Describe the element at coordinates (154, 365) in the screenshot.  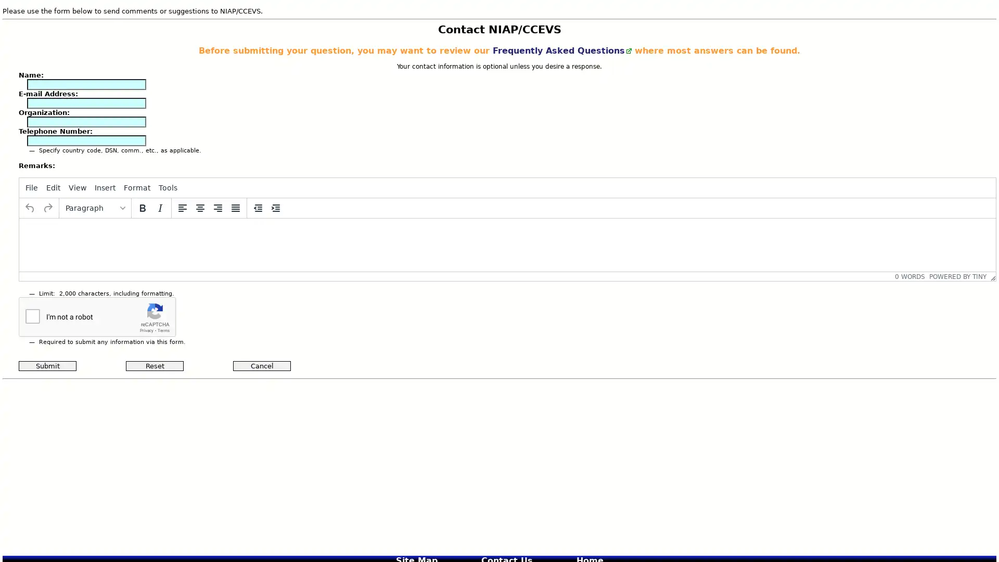
I see `Reset` at that location.